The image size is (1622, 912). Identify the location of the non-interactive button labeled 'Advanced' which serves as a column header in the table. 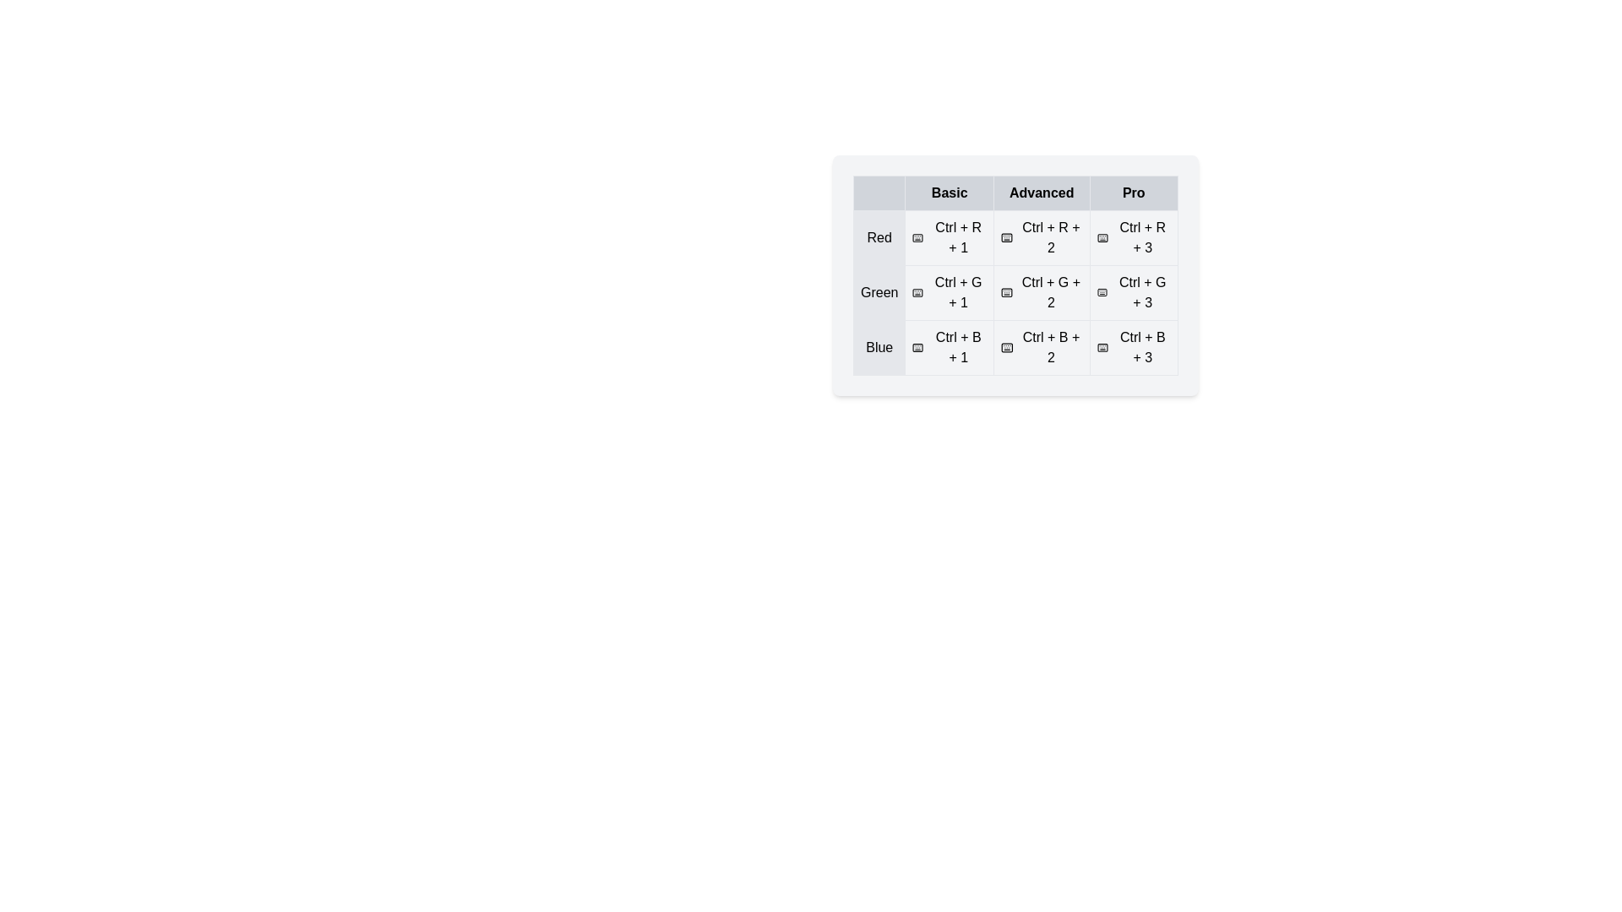
(1041, 192).